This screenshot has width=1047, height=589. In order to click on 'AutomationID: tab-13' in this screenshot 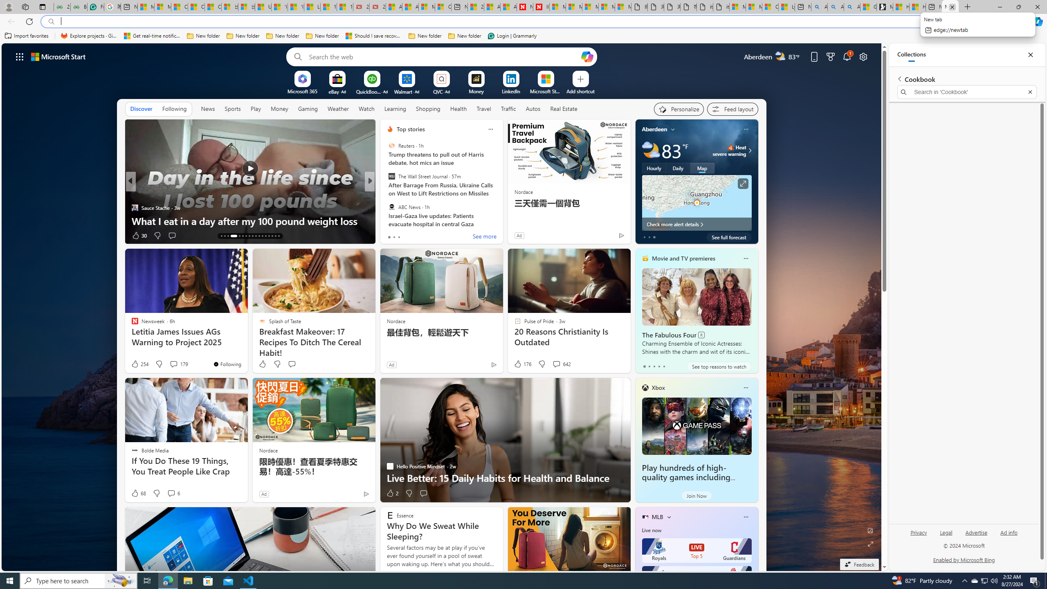, I will do `click(221, 236)`.